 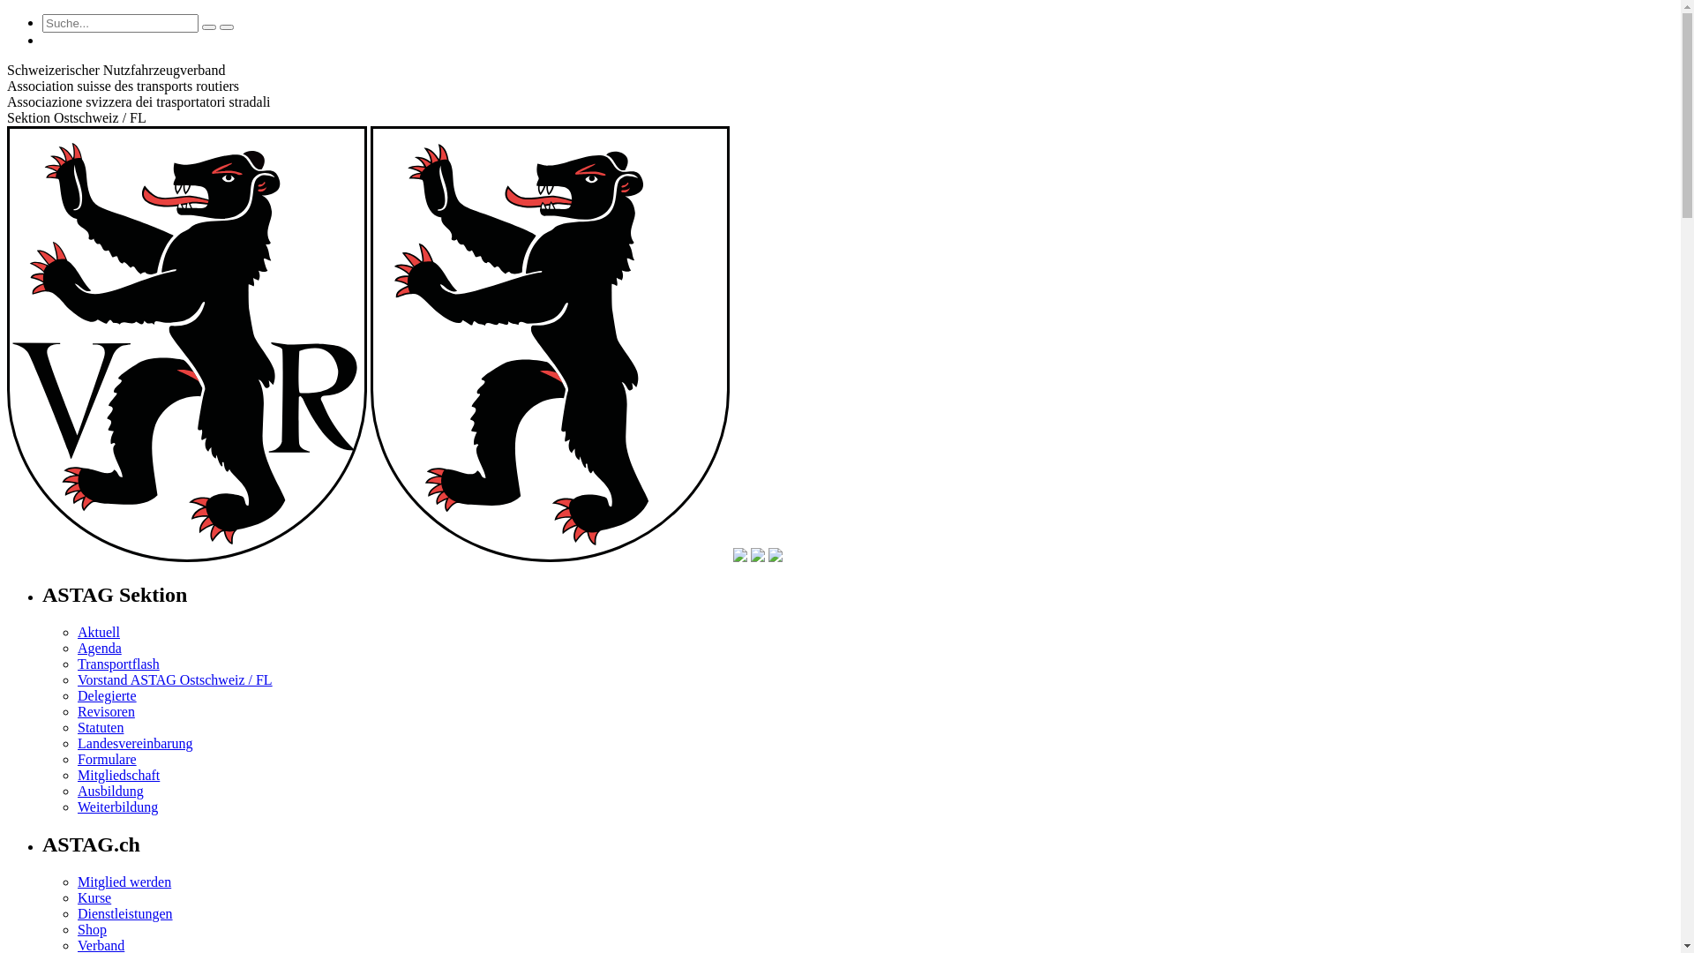 I want to click on 'Delegierte', so click(x=106, y=694).